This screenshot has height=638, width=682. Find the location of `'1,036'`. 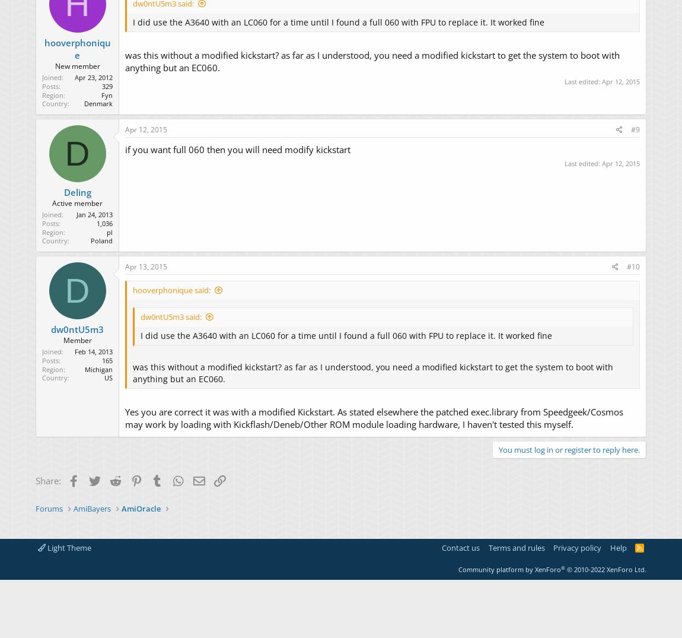

'1,036' is located at coordinates (104, 223).